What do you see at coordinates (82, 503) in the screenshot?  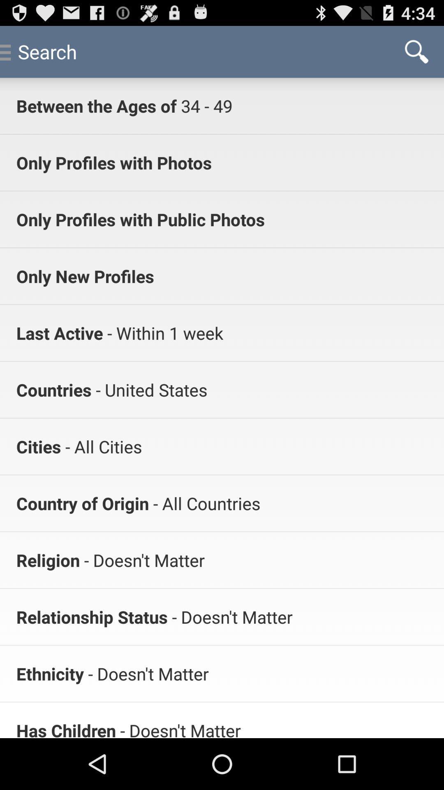 I see `the icon next to the  - all countries app` at bounding box center [82, 503].